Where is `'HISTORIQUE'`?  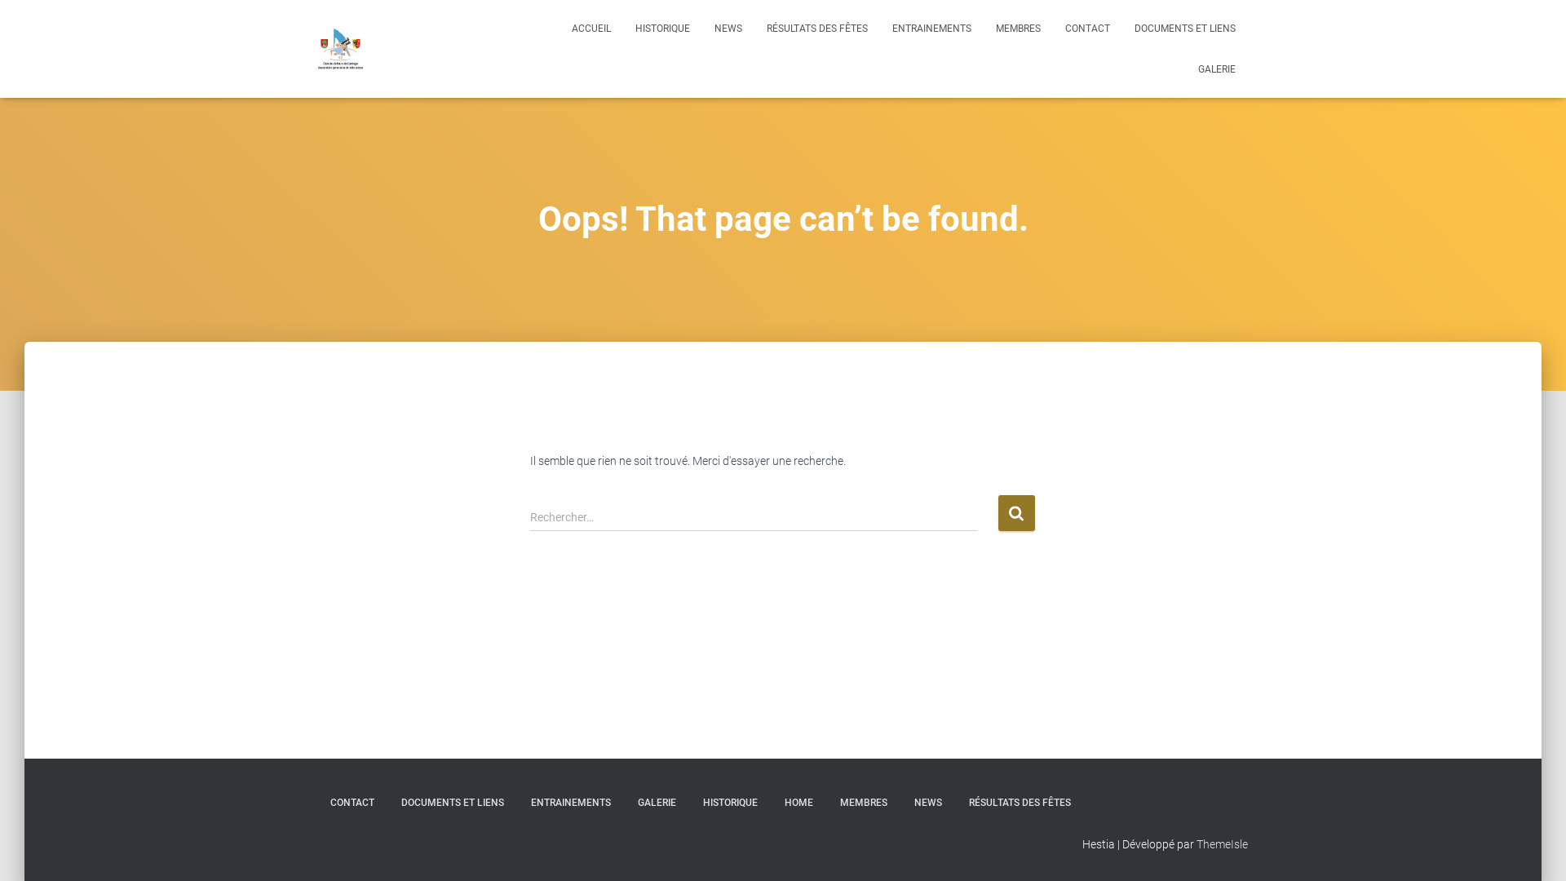 'HISTORIQUE' is located at coordinates (729, 802).